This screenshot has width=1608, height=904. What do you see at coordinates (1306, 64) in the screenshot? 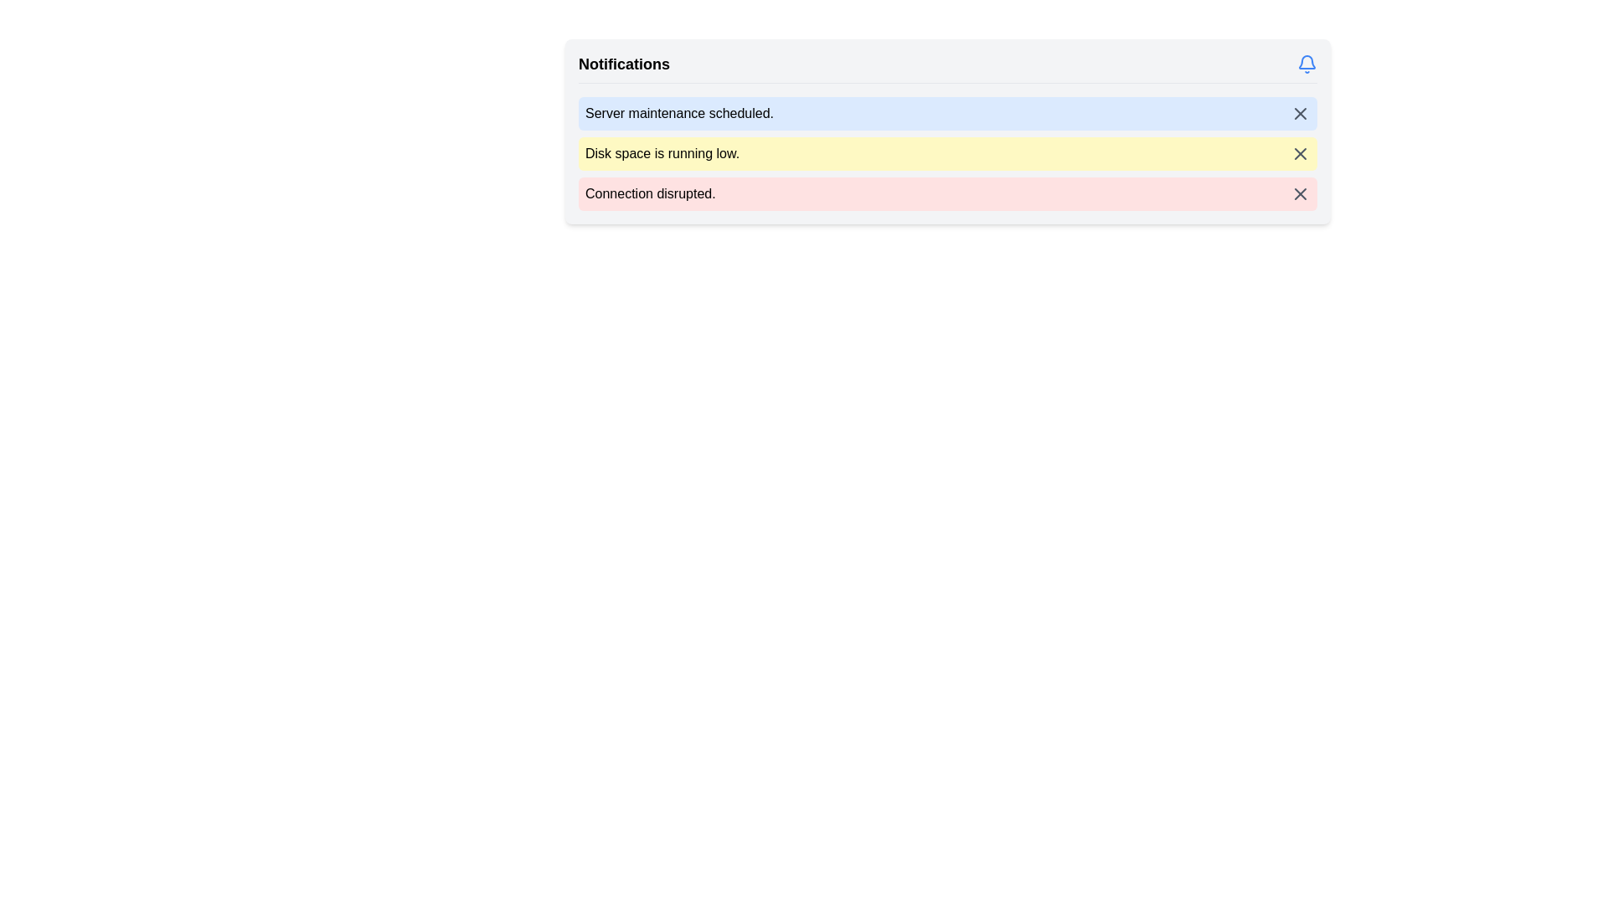
I see `the notification settings icon located at the top-right corner of the notification card header, adjacent to the title text 'Notifications.'` at bounding box center [1306, 64].